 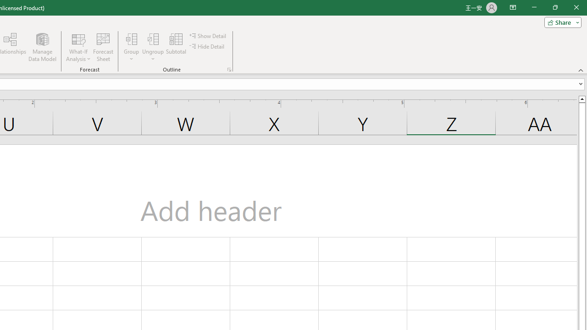 What do you see at coordinates (103, 47) in the screenshot?
I see `'Forecast Sheet'` at bounding box center [103, 47].